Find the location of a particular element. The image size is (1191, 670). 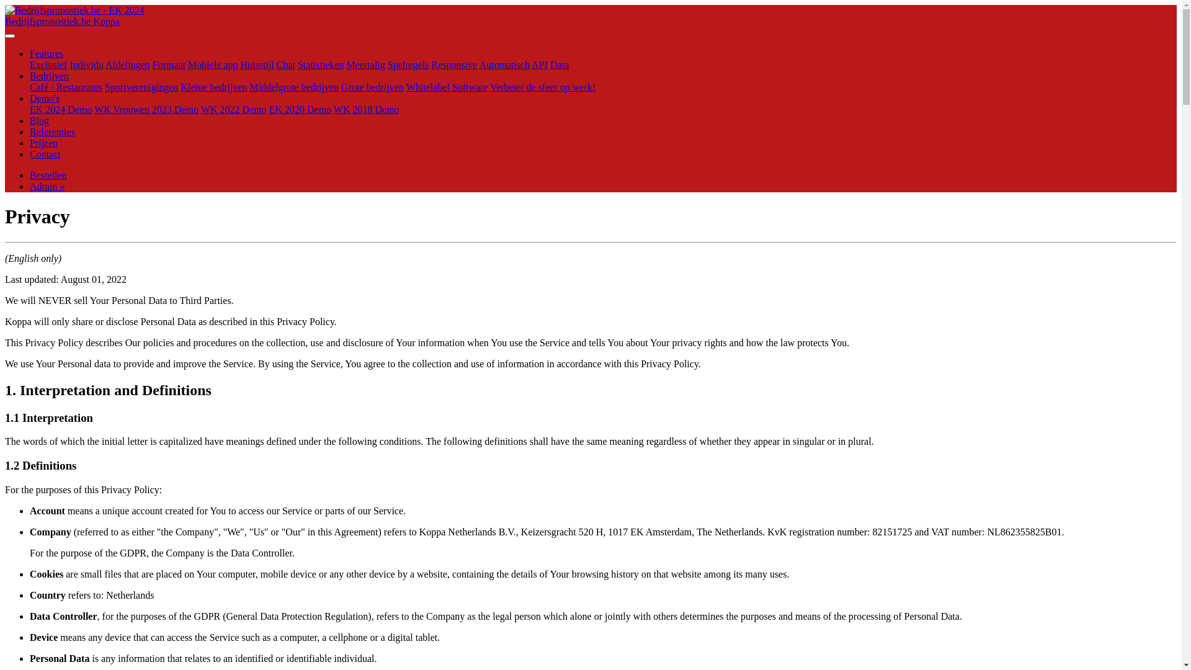

'Contact' is located at coordinates (45, 153).